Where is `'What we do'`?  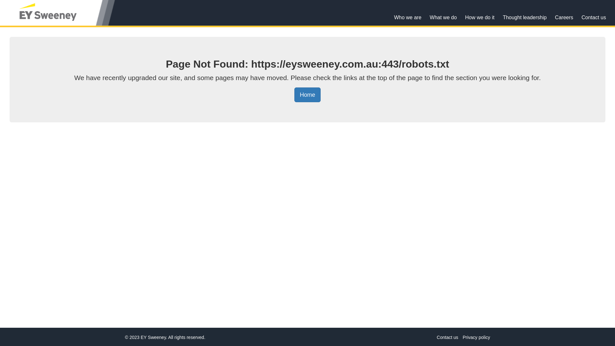 'What we do' is located at coordinates (443, 17).